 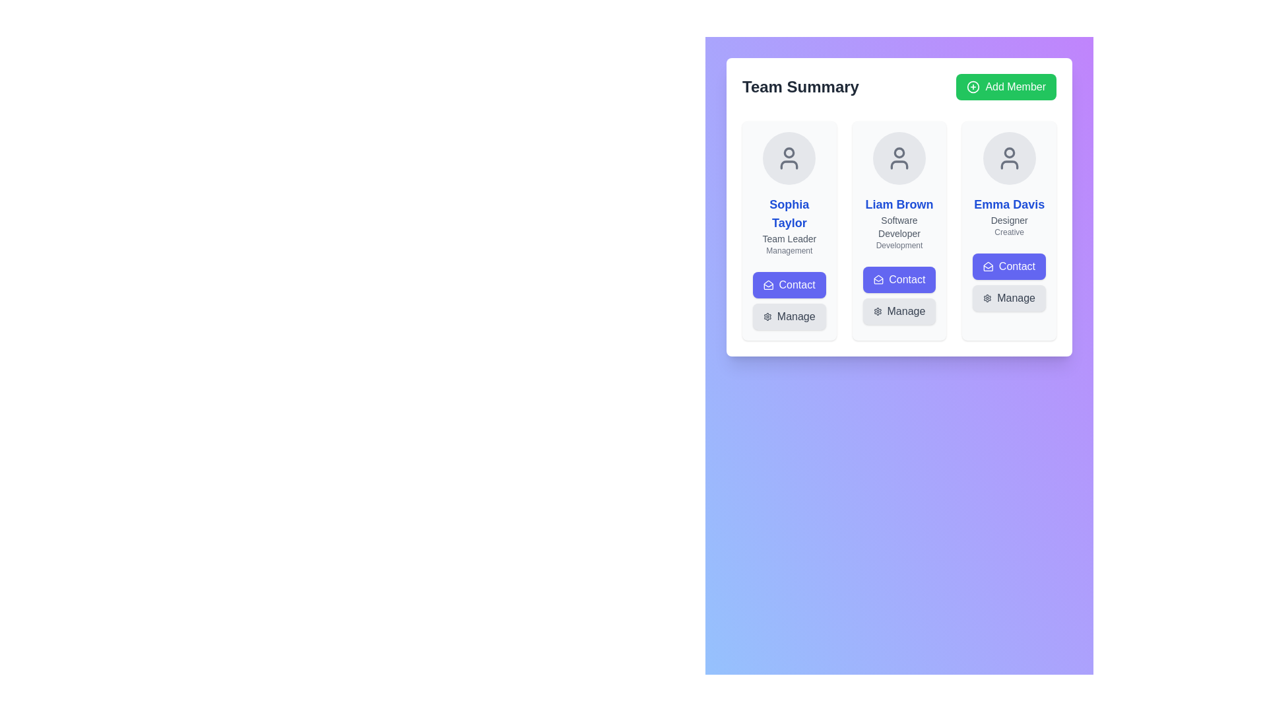 What do you see at coordinates (767, 316) in the screenshot?
I see `the cogwheel icon representing settings, which is centrally placed beneath the 'Add Member' button in the card layout` at bounding box center [767, 316].